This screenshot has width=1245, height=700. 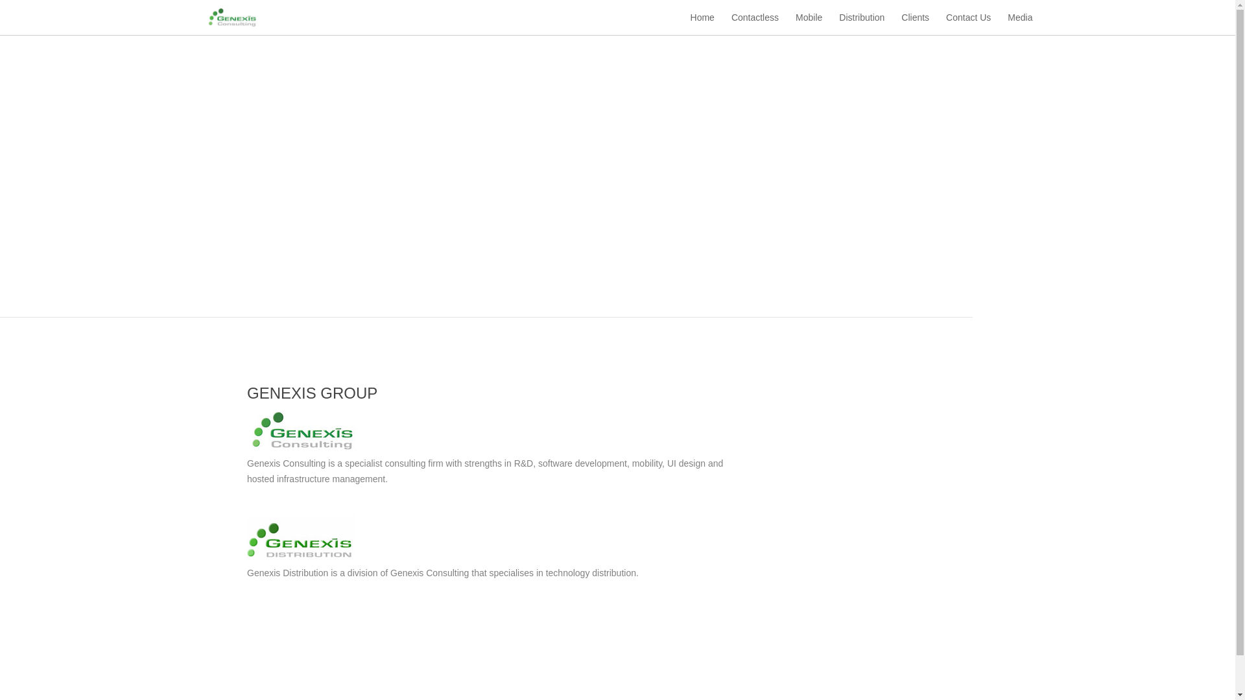 I want to click on 'Distribution', so click(x=862, y=24).